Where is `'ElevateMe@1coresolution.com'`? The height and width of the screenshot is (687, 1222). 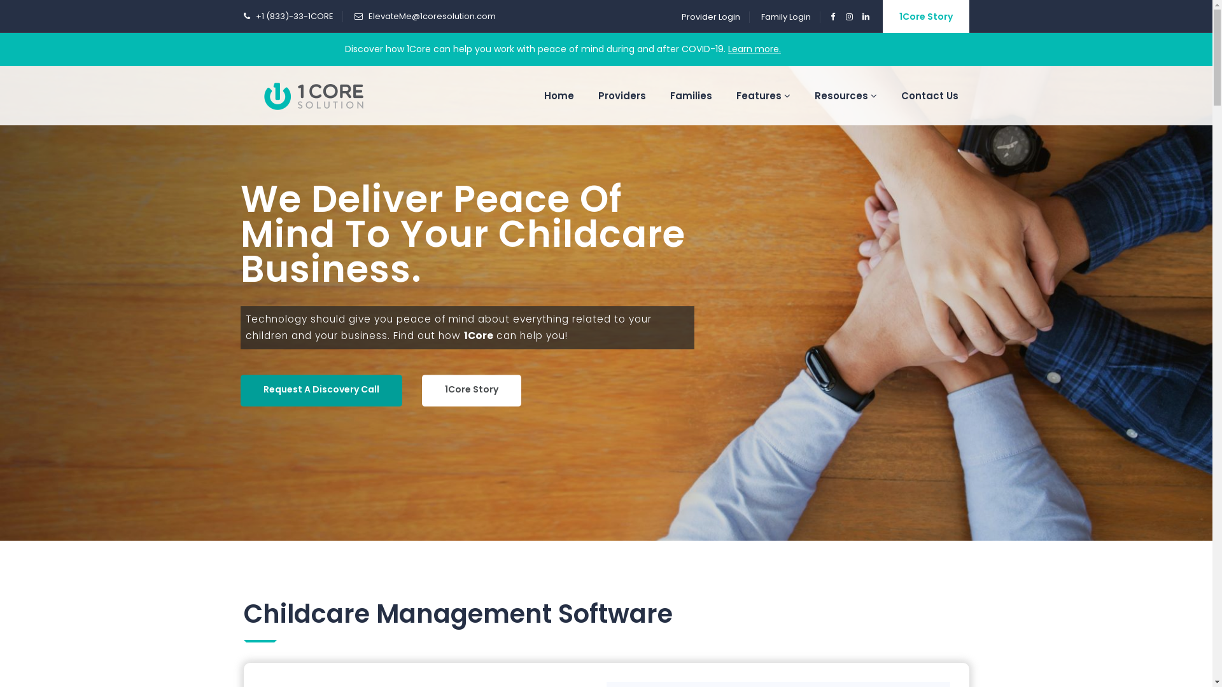 'ElevateMe@1coresolution.com' is located at coordinates (431, 16).